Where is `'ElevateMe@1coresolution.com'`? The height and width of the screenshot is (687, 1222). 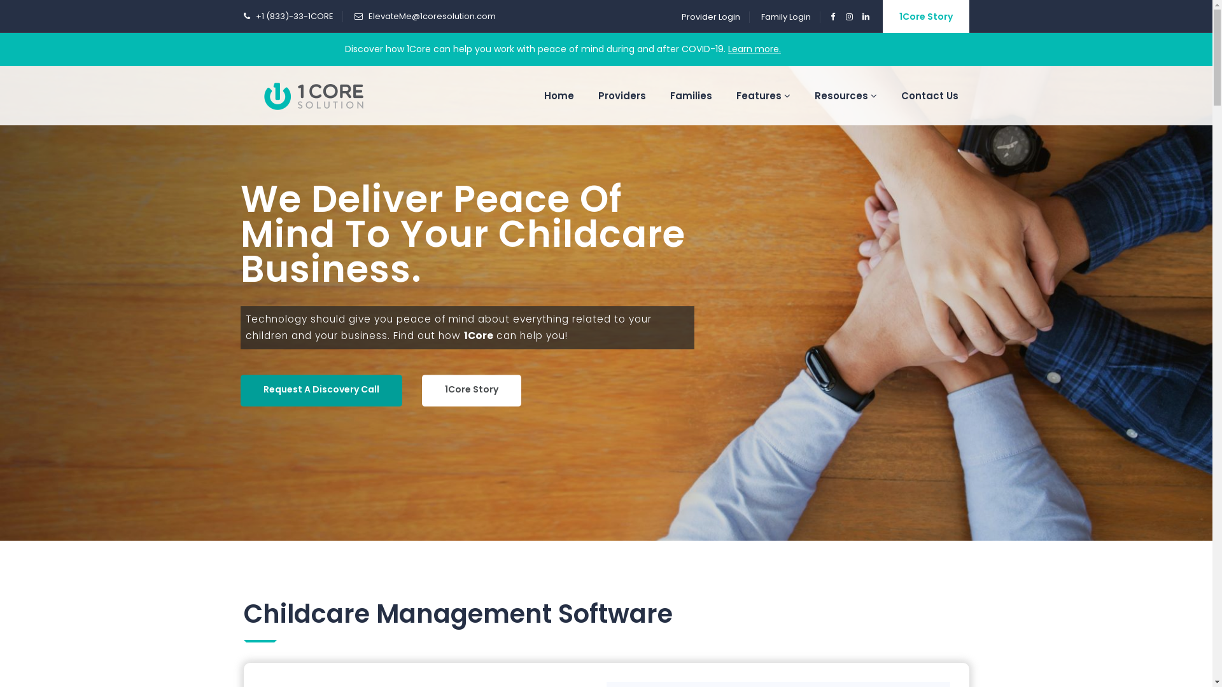 'ElevateMe@1coresolution.com' is located at coordinates (431, 16).